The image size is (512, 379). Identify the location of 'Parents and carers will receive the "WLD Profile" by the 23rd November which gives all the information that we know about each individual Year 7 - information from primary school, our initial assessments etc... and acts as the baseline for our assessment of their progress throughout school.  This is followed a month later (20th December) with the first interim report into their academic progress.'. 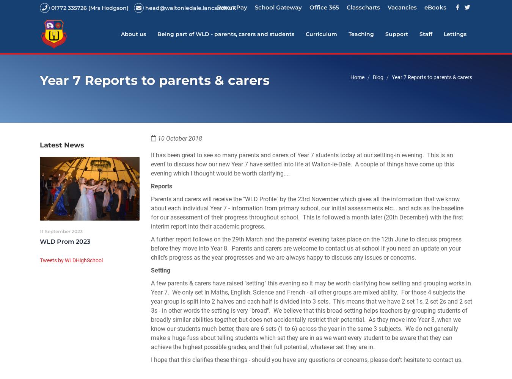
(307, 213).